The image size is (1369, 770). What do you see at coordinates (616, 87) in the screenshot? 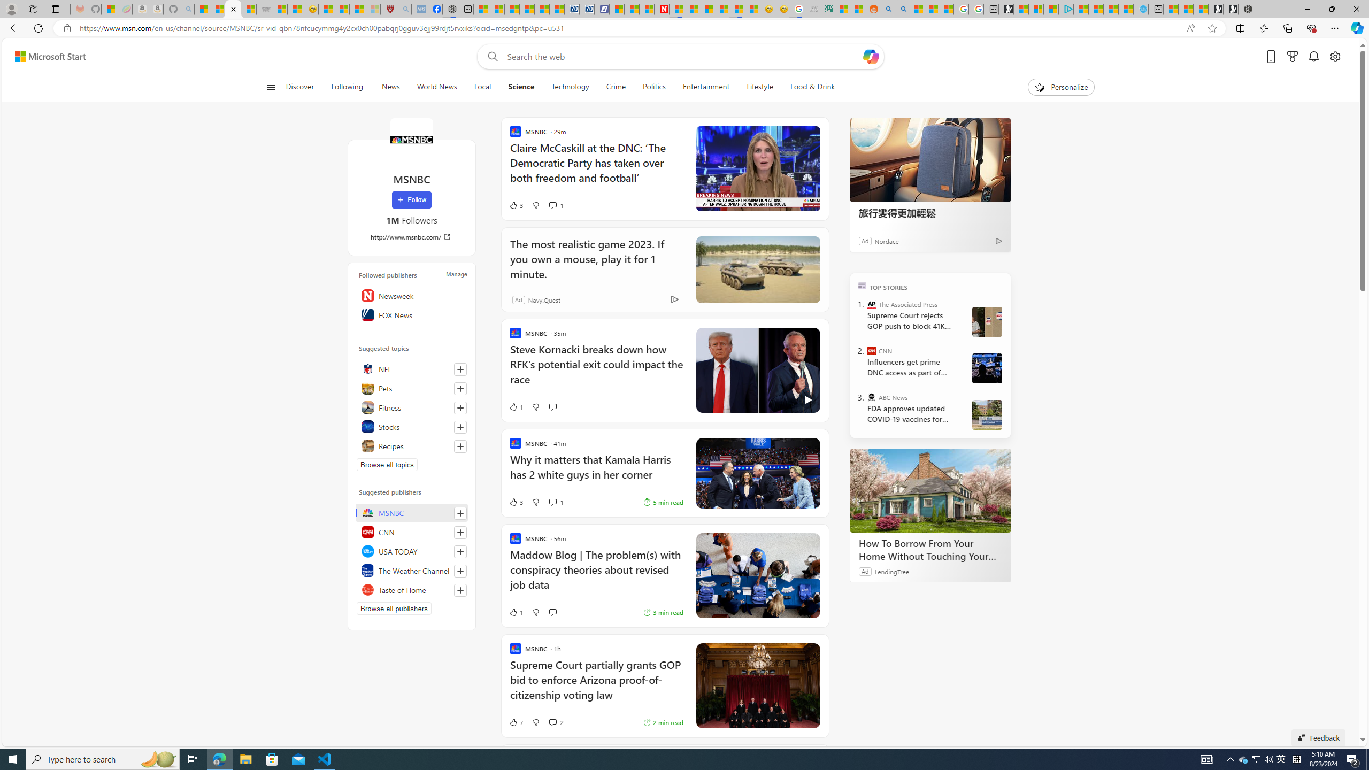
I see `'Crime'` at bounding box center [616, 87].